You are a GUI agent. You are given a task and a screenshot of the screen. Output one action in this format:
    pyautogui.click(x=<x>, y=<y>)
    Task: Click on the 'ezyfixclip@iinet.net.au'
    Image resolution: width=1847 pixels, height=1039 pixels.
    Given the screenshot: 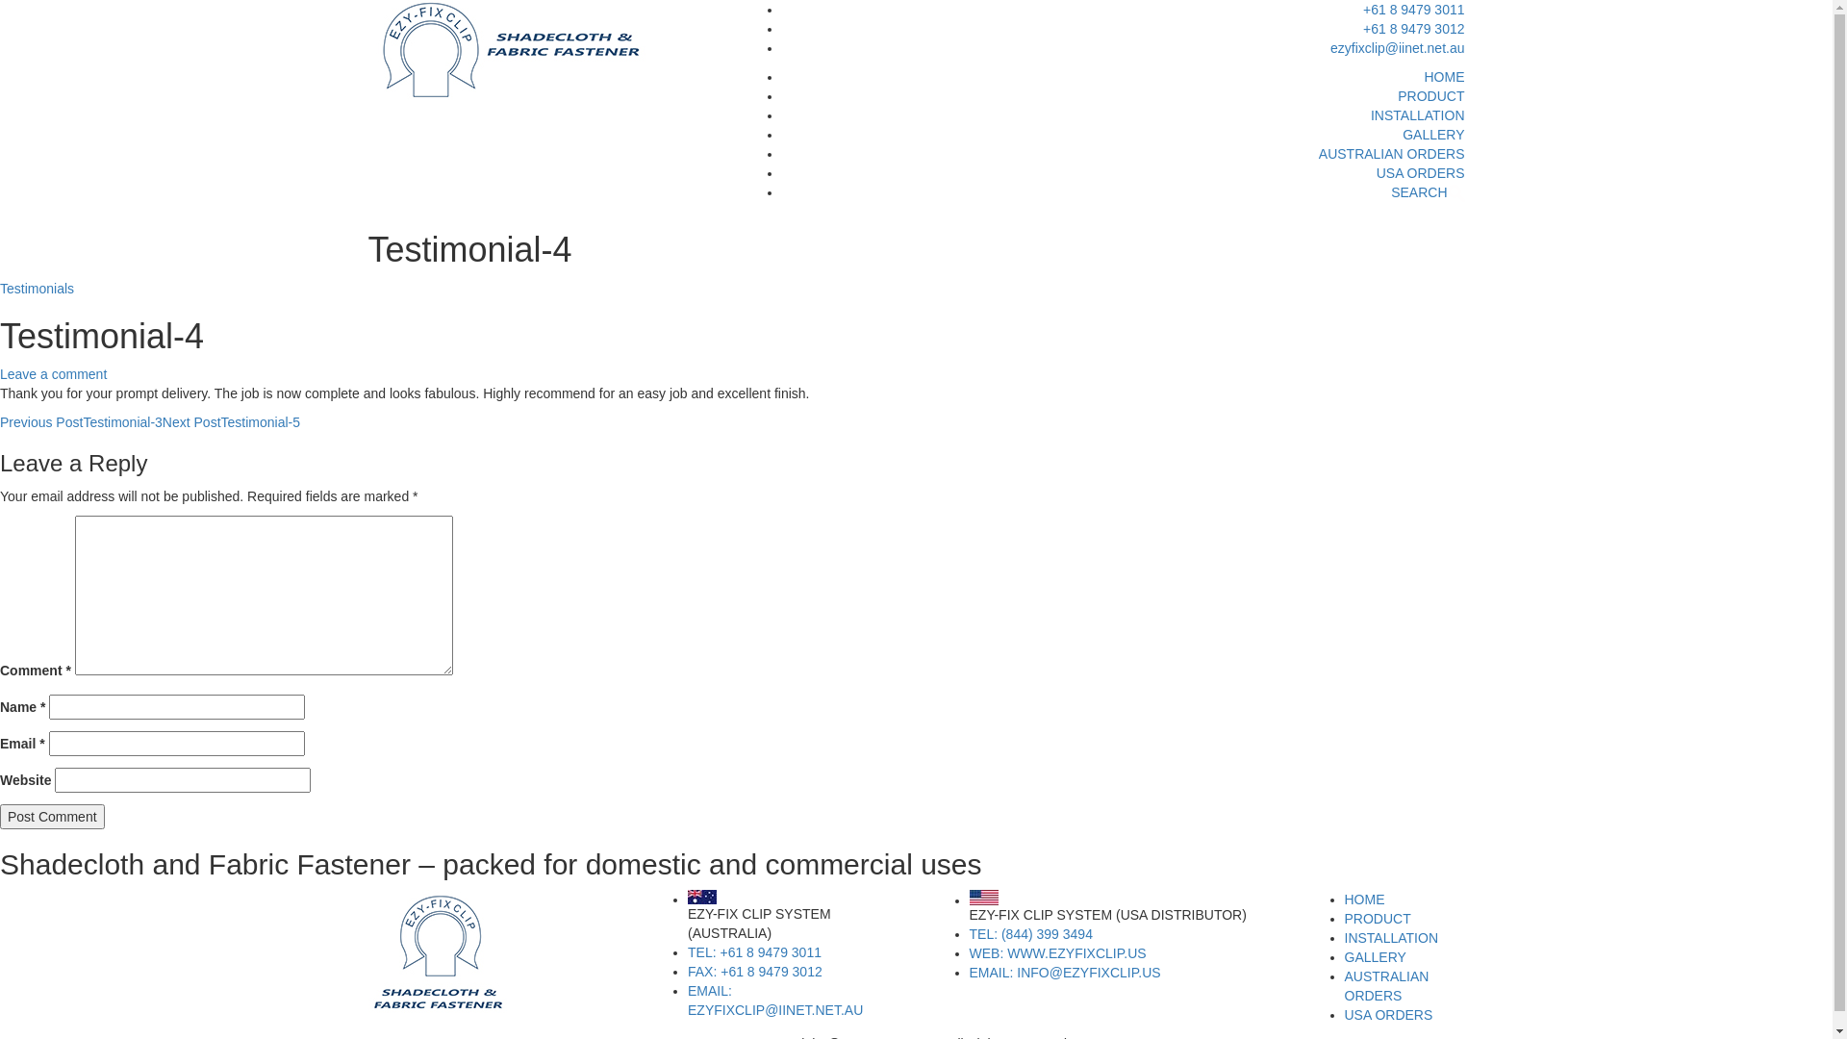 What is the action you would take?
    pyautogui.click(x=1398, y=47)
    